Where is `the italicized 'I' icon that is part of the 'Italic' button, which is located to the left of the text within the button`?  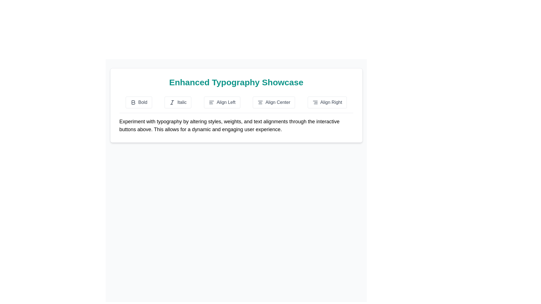
the italicized 'I' icon that is part of the 'Italic' button, which is located to the left of the text within the button is located at coordinates (172, 102).